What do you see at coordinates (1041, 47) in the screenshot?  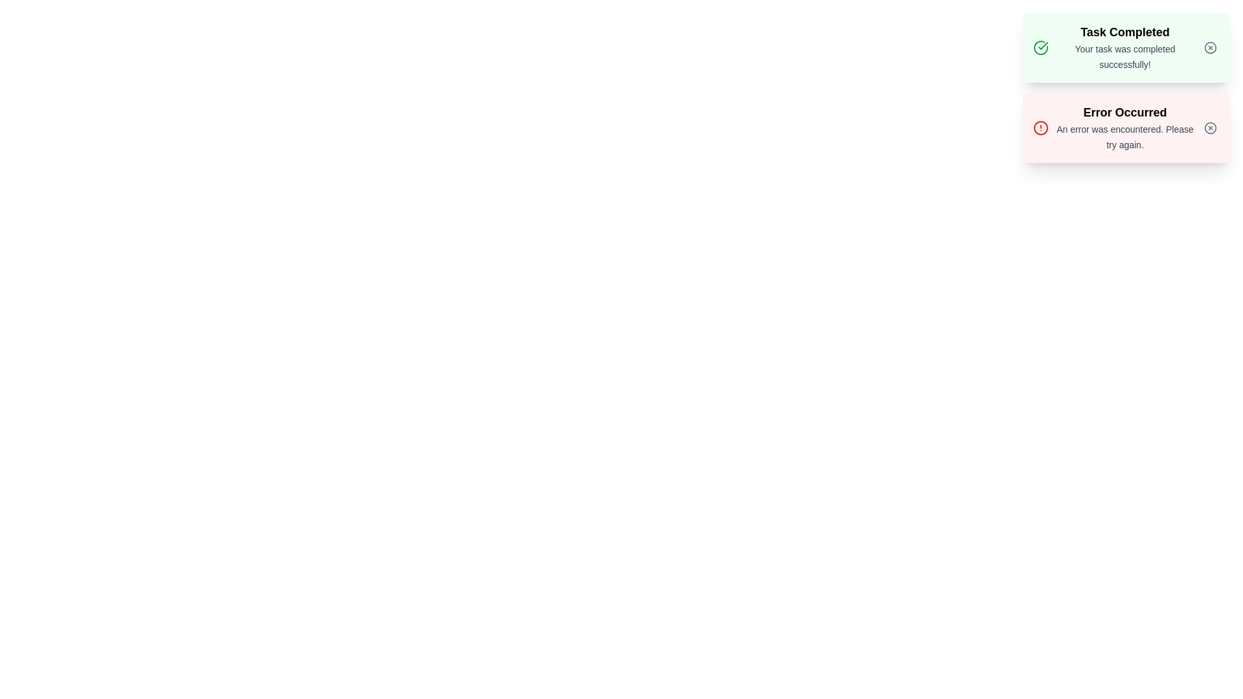 I see `the visual indicator for successful completion located in the 'Task Completed' notification card, positioned to the left of the text content` at bounding box center [1041, 47].